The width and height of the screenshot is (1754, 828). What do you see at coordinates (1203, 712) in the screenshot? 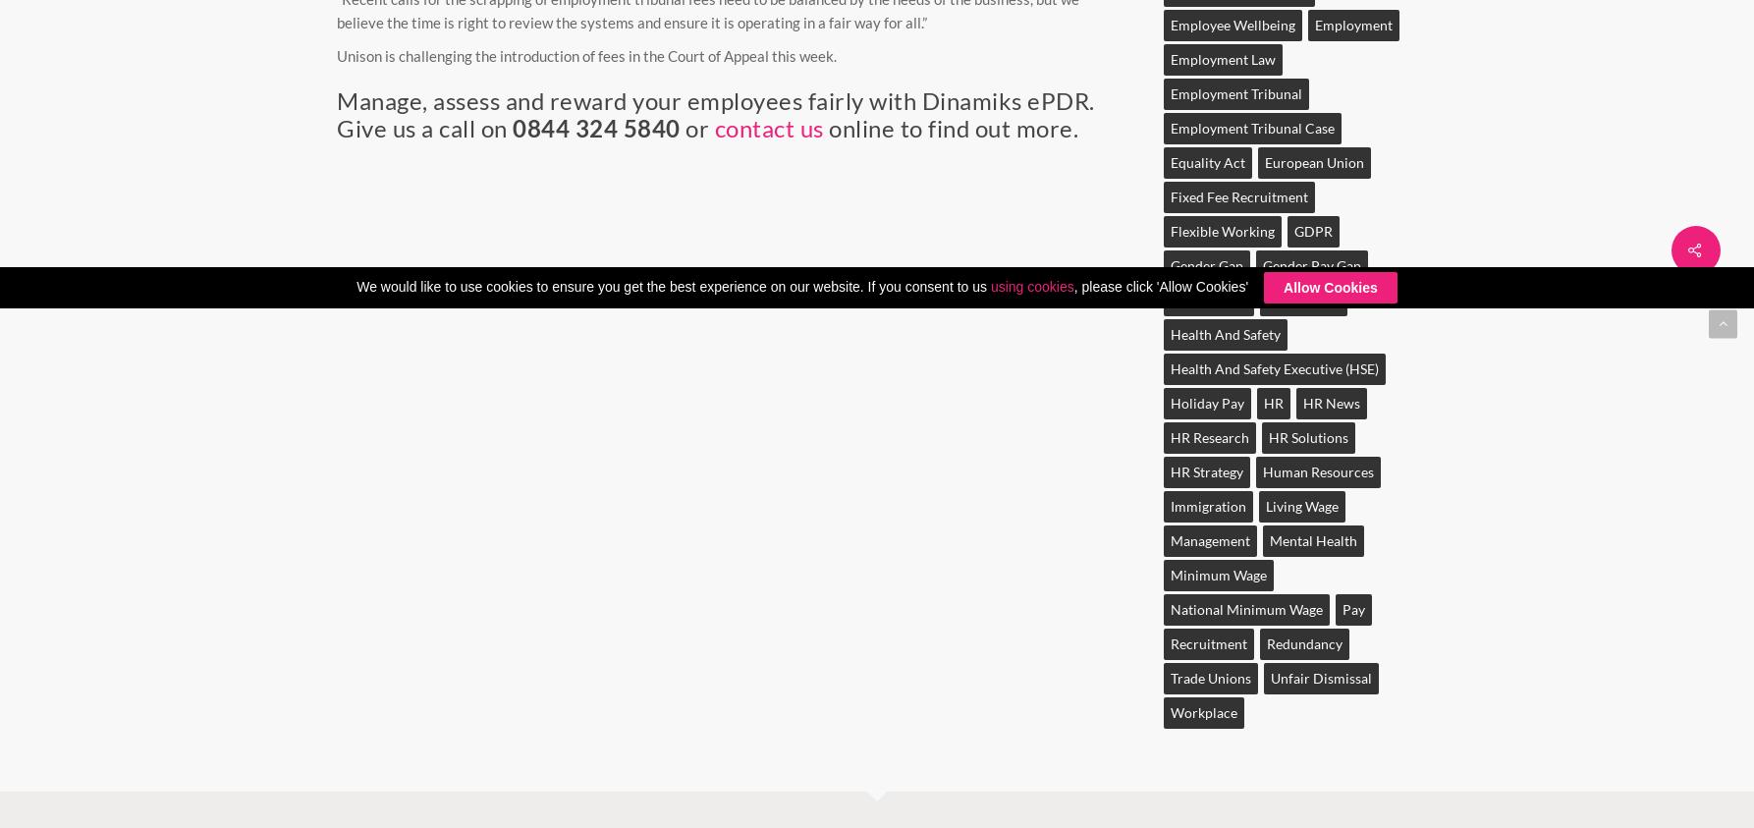
I see `'Workplace'` at bounding box center [1203, 712].